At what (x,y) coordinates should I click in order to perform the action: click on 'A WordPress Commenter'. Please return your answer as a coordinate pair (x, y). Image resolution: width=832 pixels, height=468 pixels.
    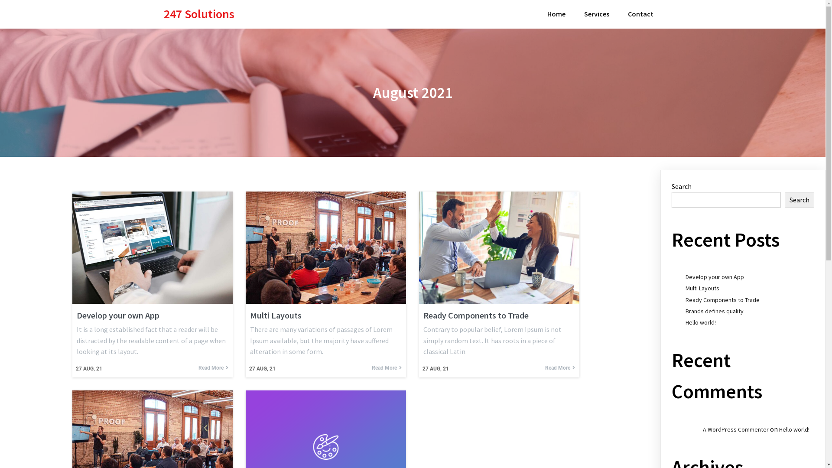
    Looking at the image, I should click on (735, 429).